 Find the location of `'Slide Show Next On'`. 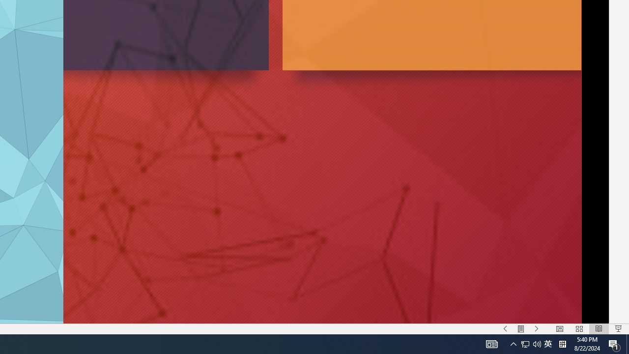

'Slide Show Next On' is located at coordinates (536, 329).